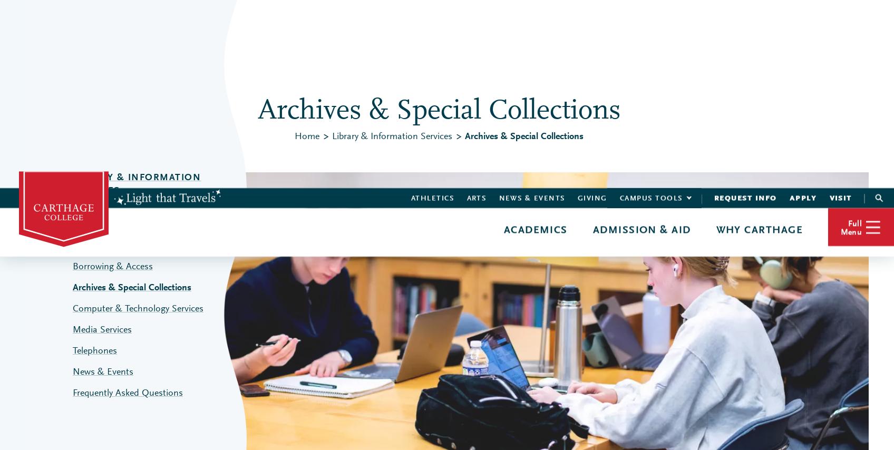 The width and height of the screenshot is (894, 450). I want to click on 'Advising & Support', so click(86, 323).